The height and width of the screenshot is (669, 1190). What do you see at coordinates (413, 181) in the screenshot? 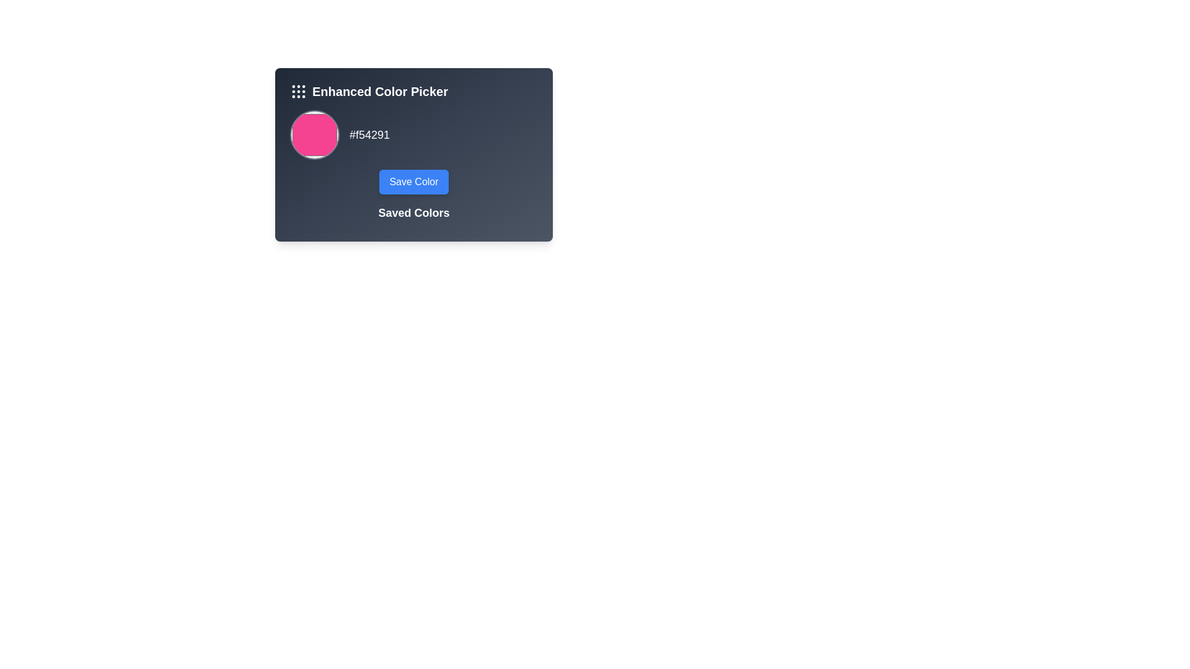
I see `the interactive save button located at the lower central area of the interface` at bounding box center [413, 181].